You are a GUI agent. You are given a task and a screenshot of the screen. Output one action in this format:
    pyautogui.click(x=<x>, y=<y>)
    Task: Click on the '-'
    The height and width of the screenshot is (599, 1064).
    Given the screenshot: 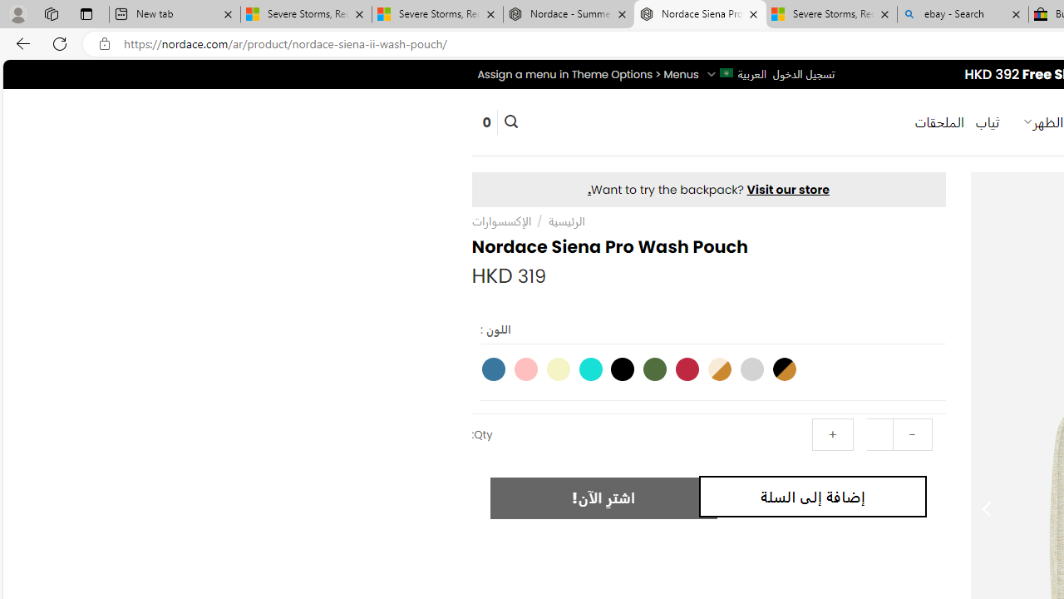 What is the action you would take?
    pyautogui.click(x=911, y=433)
    